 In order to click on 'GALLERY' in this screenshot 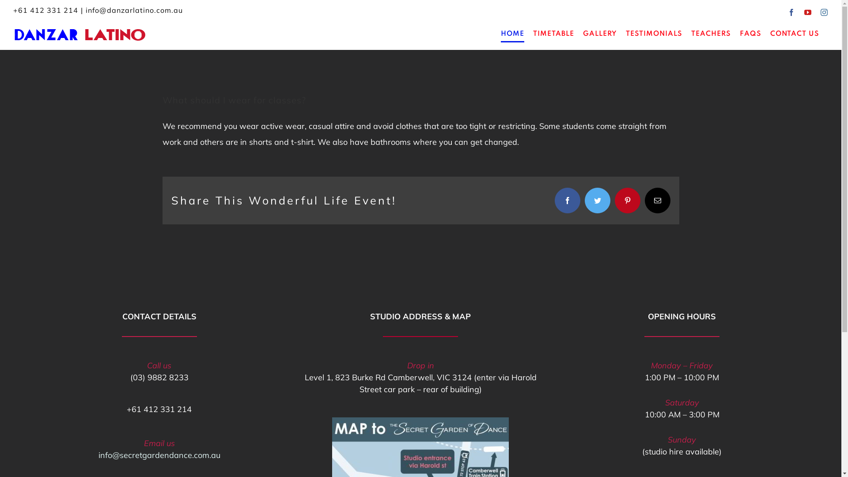, I will do `click(600, 34)`.